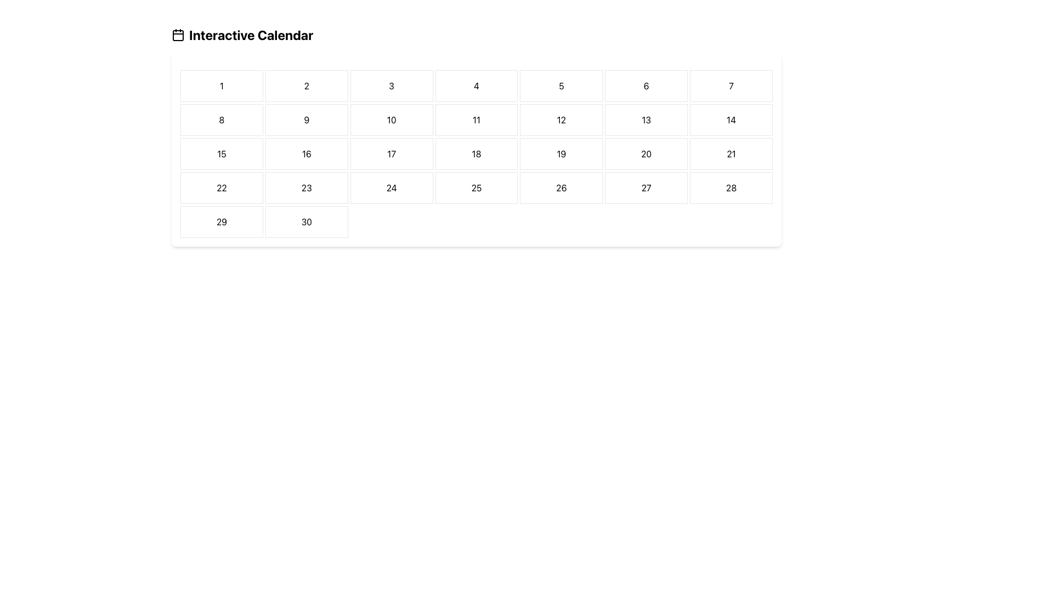 The image size is (1053, 592). What do you see at coordinates (392, 86) in the screenshot?
I see `the third cell in the first row of the interactive grid, which is positioned between the cells containing '2' and '4'` at bounding box center [392, 86].